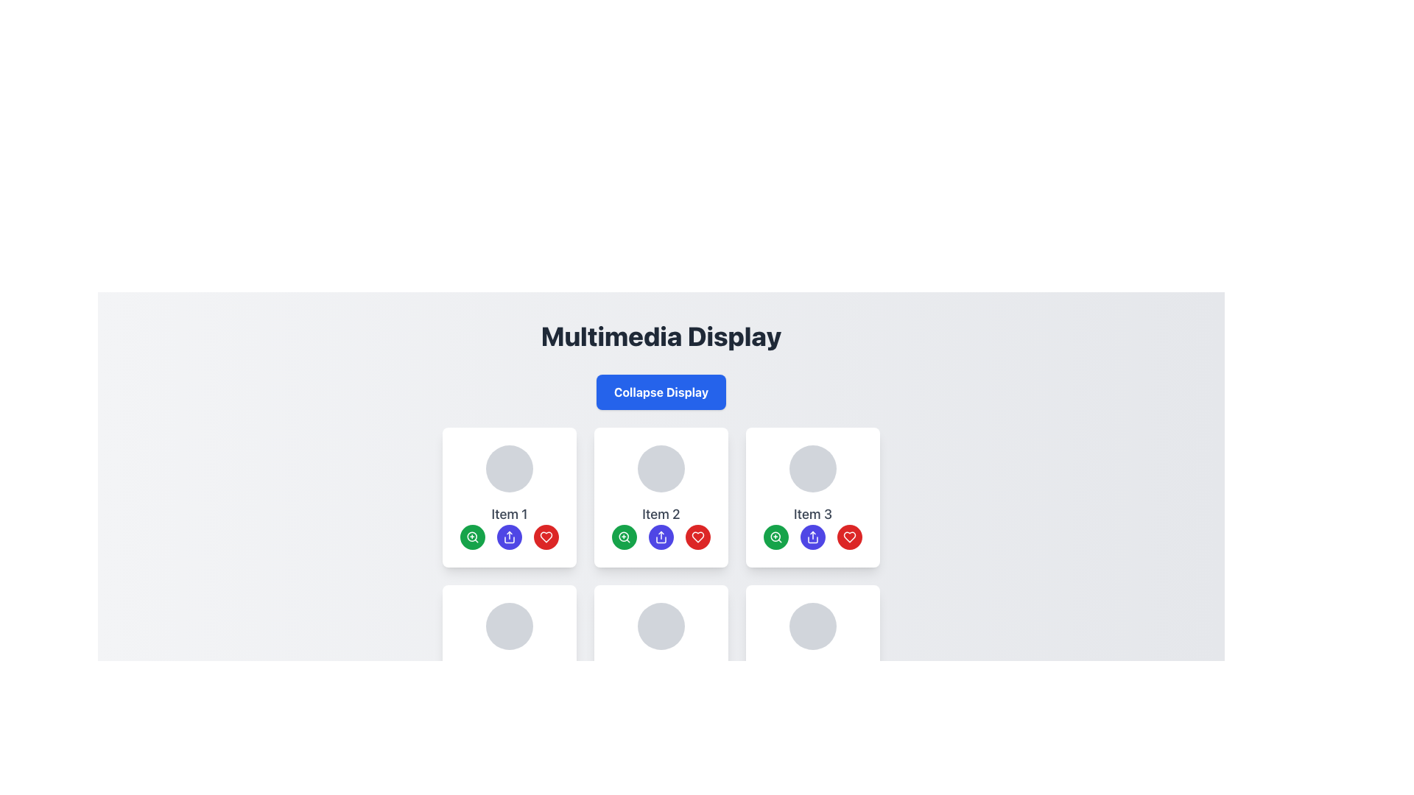  Describe the element at coordinates (775, 537) in the screenshot. I see `the zoom-in button located below the card labeled 'Item 3' in the third column of the grid to enlarge the content of the item` at that location.